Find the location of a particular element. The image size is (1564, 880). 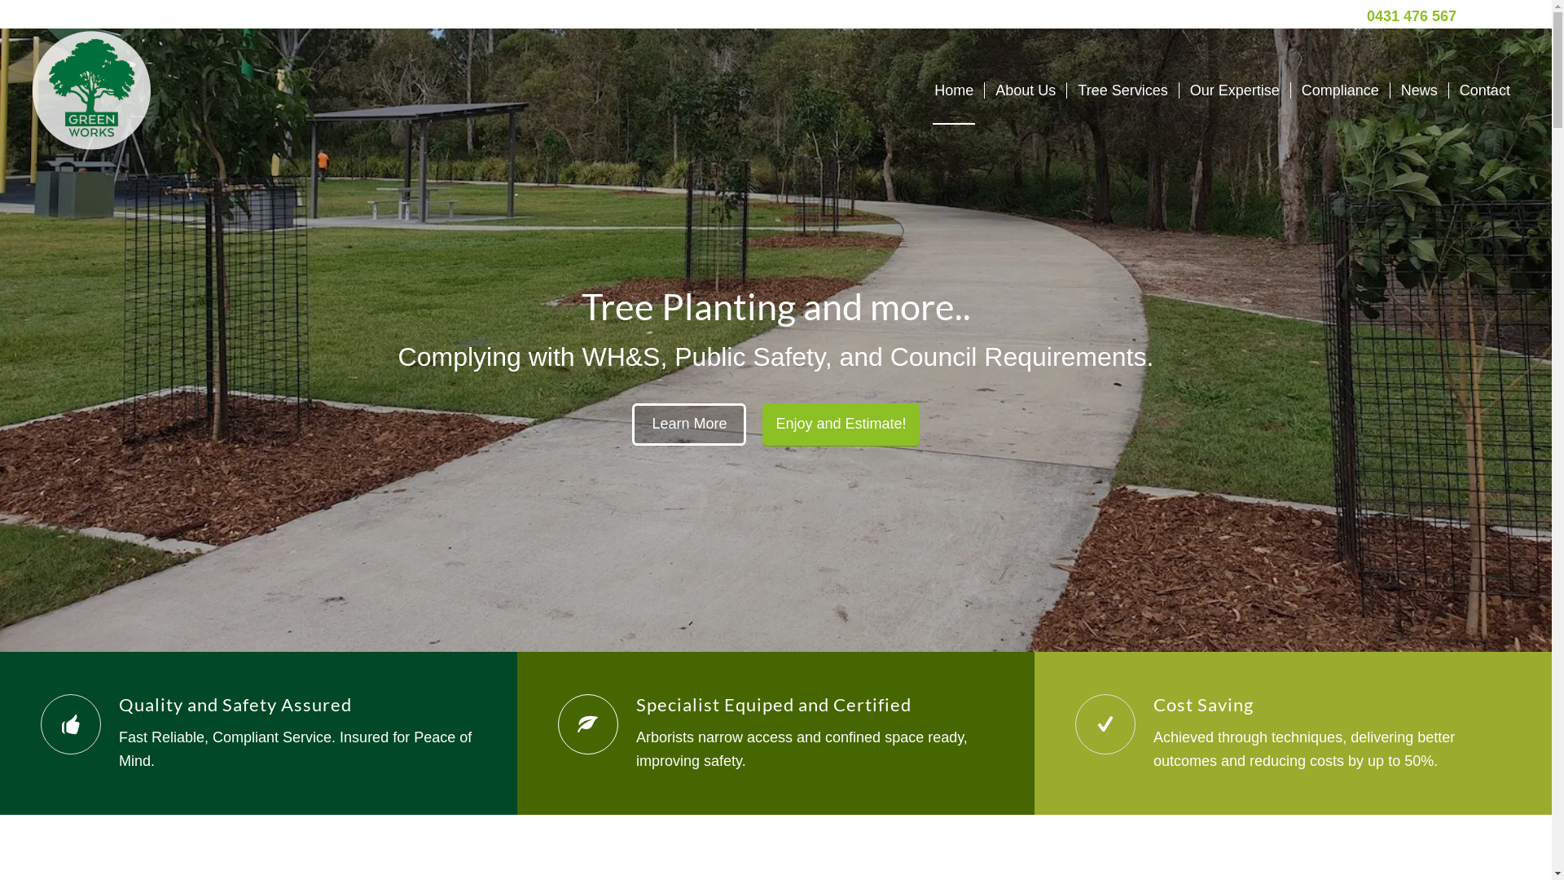

'Home' is located at coordinates (923, 90).